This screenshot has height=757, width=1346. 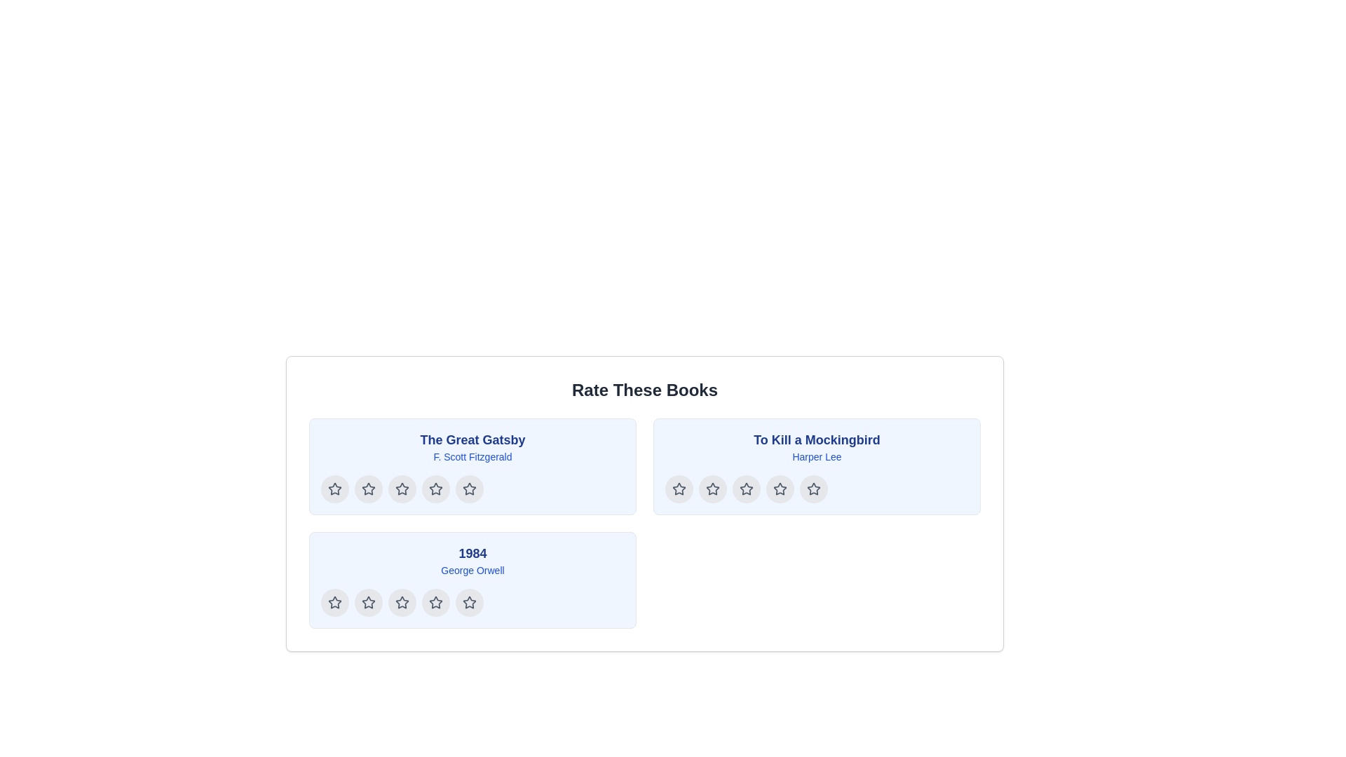 I want to click on the fourth star-shaped icon in the rating system for the book '1984' by George Orwell, which is located near the bottom-center of the interface, so click(x=435, y=602).